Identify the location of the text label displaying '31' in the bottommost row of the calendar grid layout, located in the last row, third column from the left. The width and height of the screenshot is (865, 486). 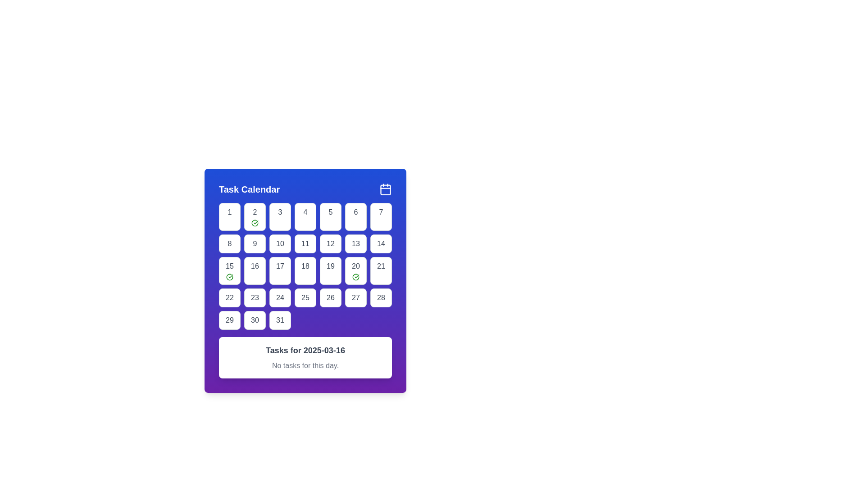
(280, 320).